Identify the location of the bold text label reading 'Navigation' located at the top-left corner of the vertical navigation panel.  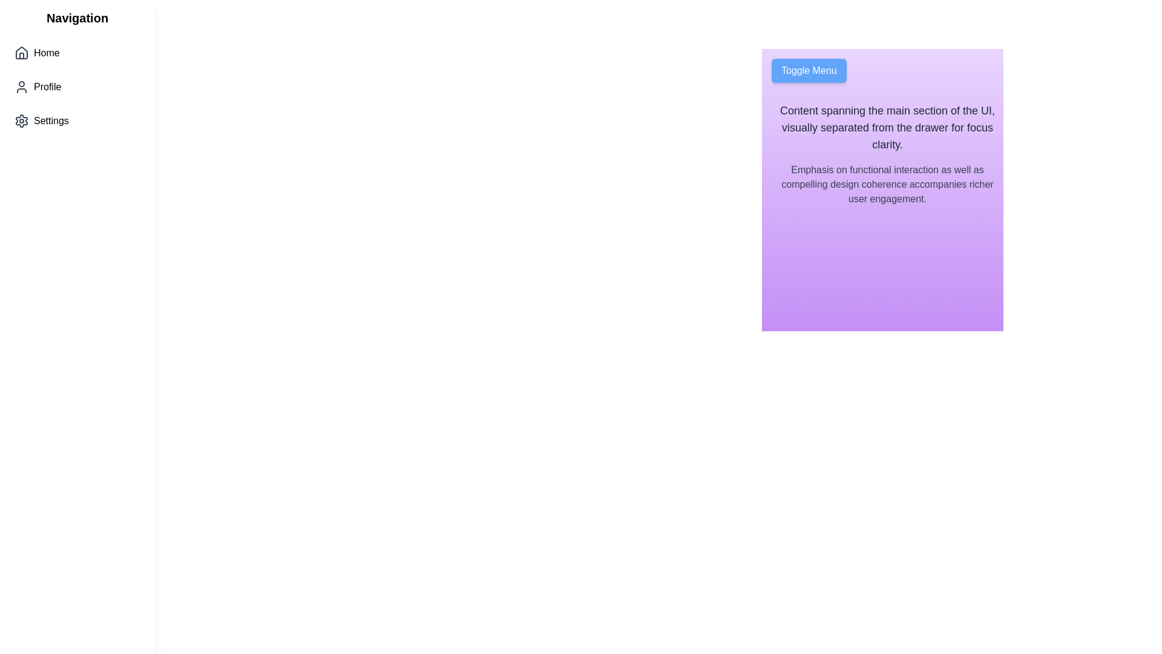
(77, 18).